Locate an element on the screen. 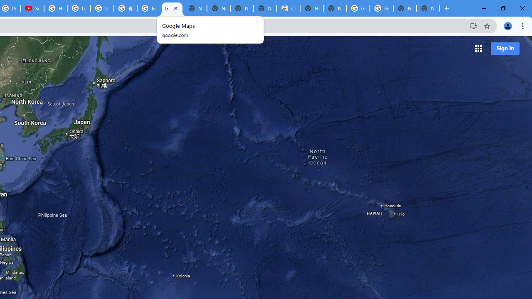 This screenshot has height=299, width=532. 'Explore new street-level details - Google Maps Help' is located at coordinates (149, 8).